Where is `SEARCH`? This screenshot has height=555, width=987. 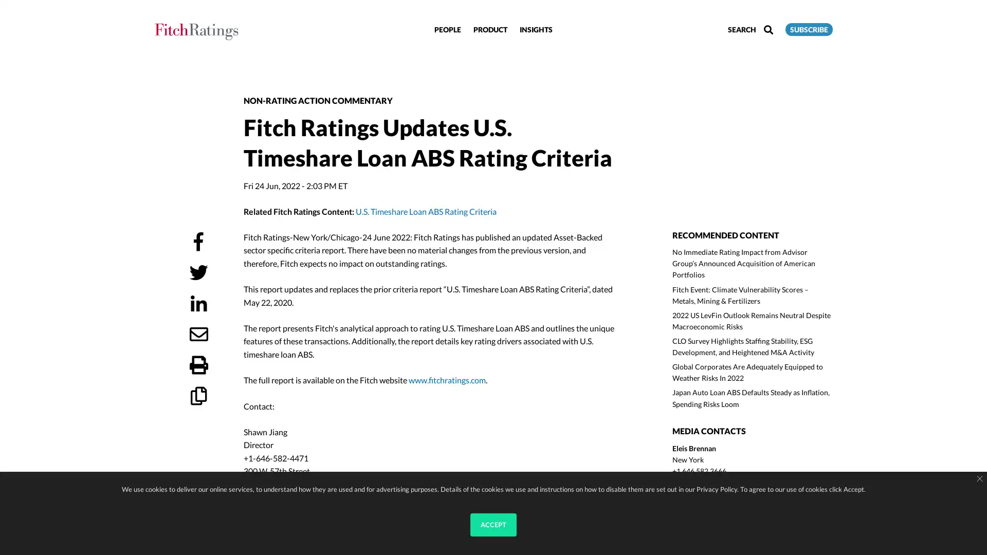
SEARCH is located at coordinates (750, 29).